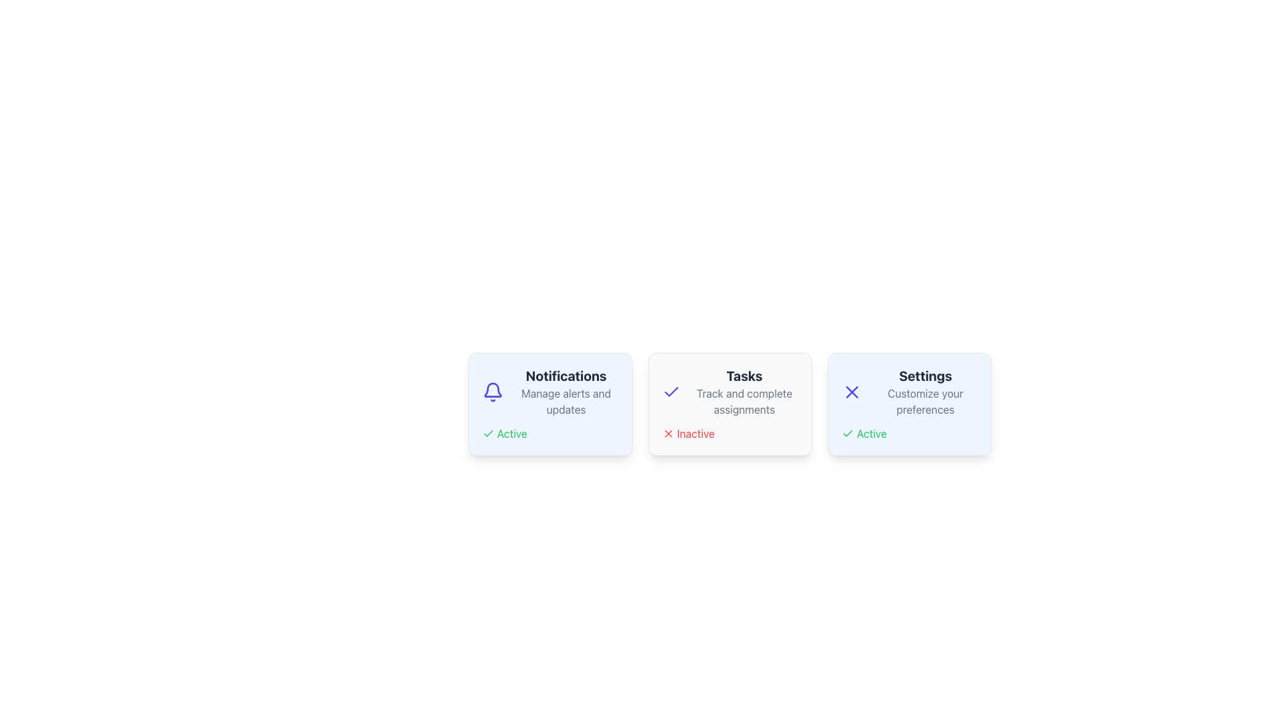 This screenshot has width=1285, height=723. Describe the element at coordinates (851, 392) in the screenshot. I see `the close icon located at the top-left section of the 'Settings' content block, positioned to the left of the texts 'Settings' and 'Customize your preferences'` at that location.